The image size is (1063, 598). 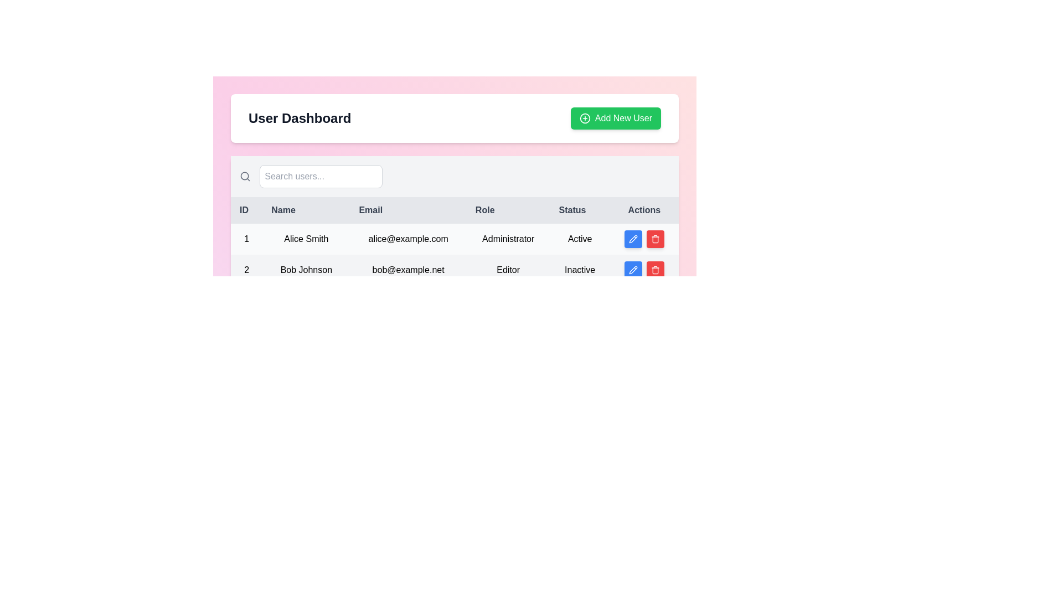 What do you see at coordinates (579, 270) in the screenshot?
I see `the 'Inactive' status text label for user 'Bob Johnson' in the second row of the data table` at bounding box center [579, 270].